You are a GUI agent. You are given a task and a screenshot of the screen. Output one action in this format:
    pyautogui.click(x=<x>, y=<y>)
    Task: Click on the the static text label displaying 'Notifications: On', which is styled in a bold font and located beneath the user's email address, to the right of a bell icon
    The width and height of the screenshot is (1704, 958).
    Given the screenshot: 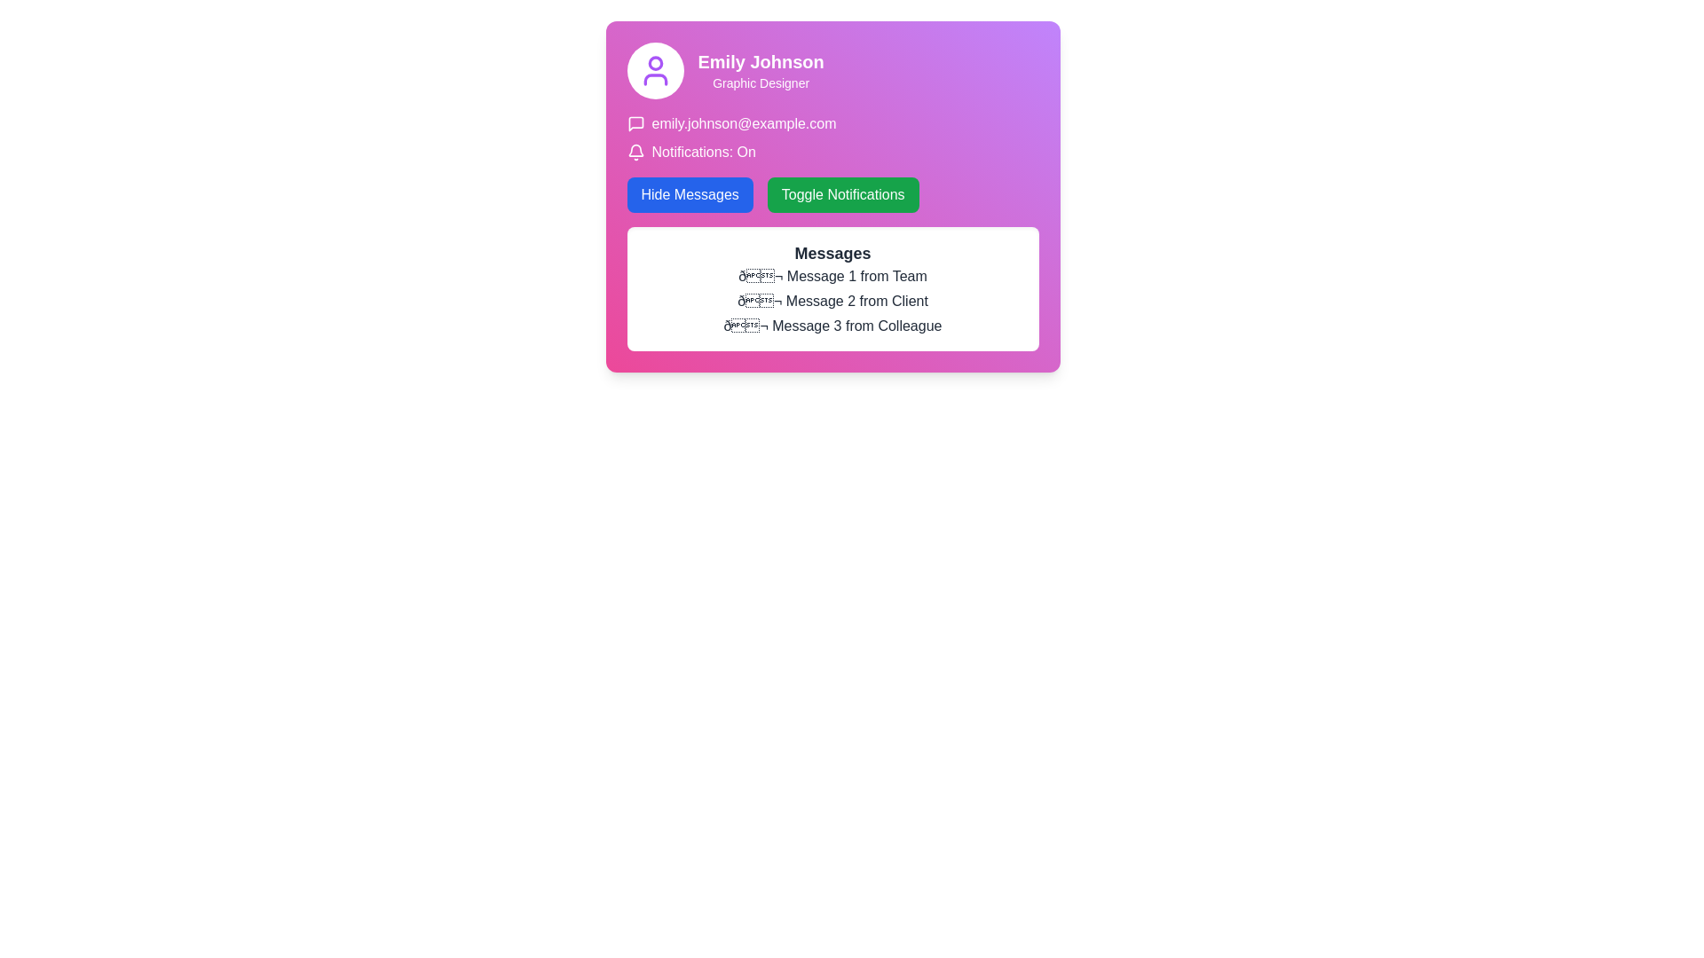 What is the action you would take?
    pyautogui.click(x=703, y=152)
    